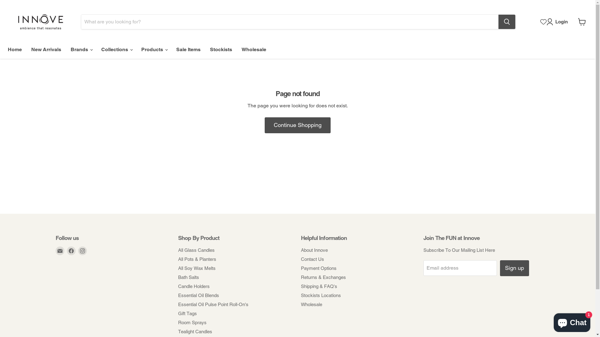 Image resolution: width=600 pixels, height=337 pixels. Describe the element at coordinates (312, 259) in the screenshot. I see `'Contact Us'` at that location.